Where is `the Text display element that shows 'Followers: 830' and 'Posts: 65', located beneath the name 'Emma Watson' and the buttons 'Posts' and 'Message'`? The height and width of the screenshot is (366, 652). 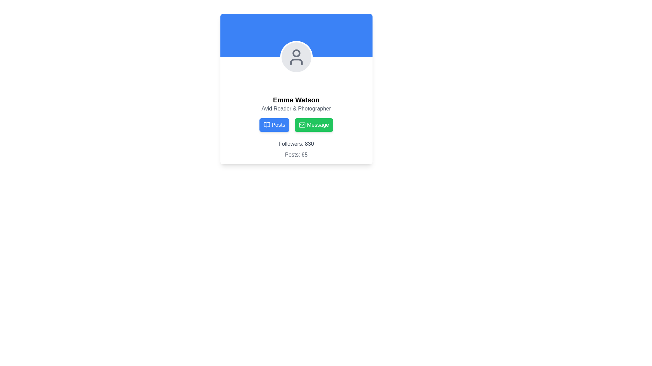
the Text display element that shows 'Followers: 830' and 'Posts: 65', located beneath the name 'Emma Watson' and the buttons 'Posts' and 'Message' is located at coordinates (296, 149).